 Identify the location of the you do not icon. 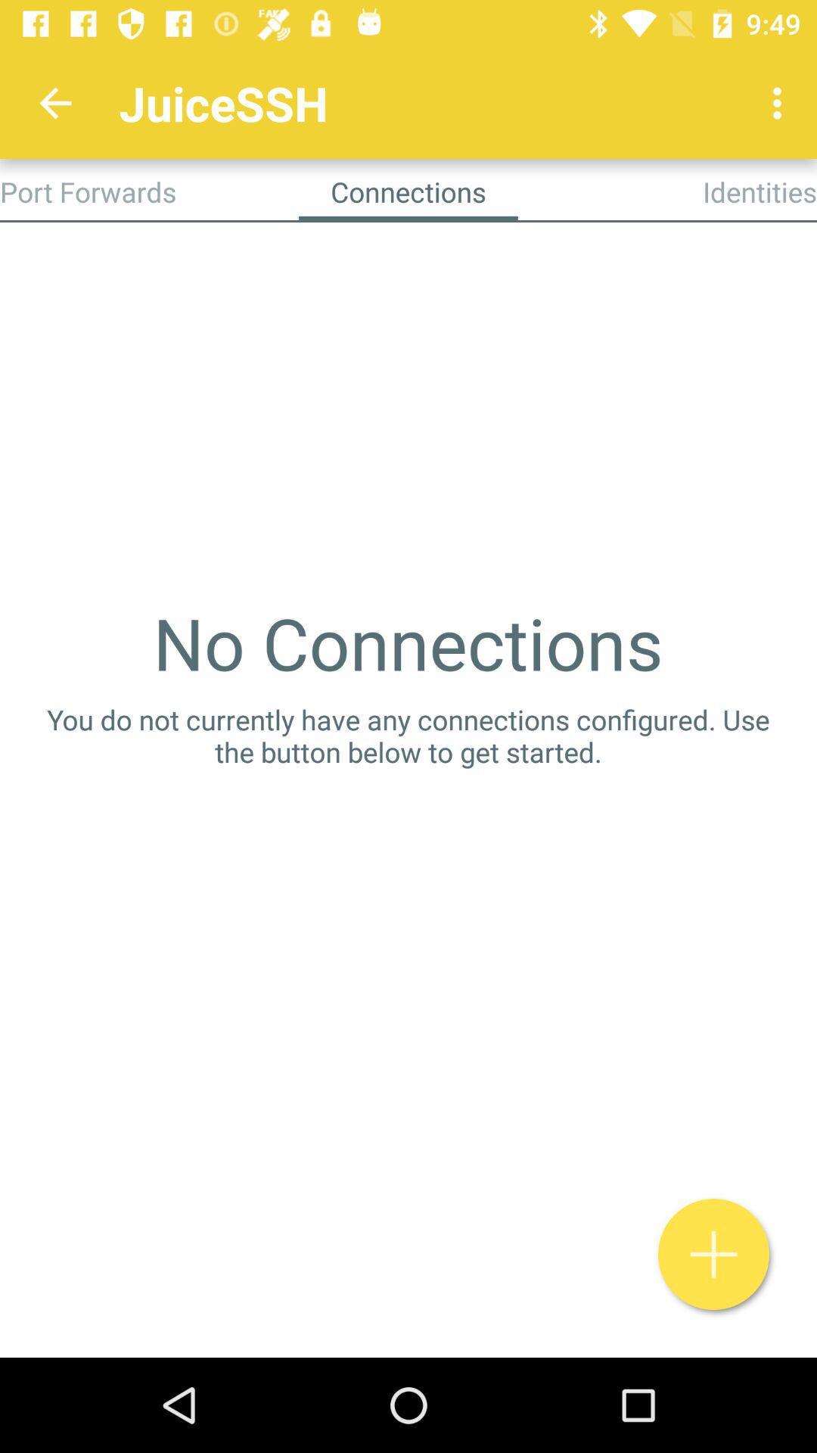
(408, 736).